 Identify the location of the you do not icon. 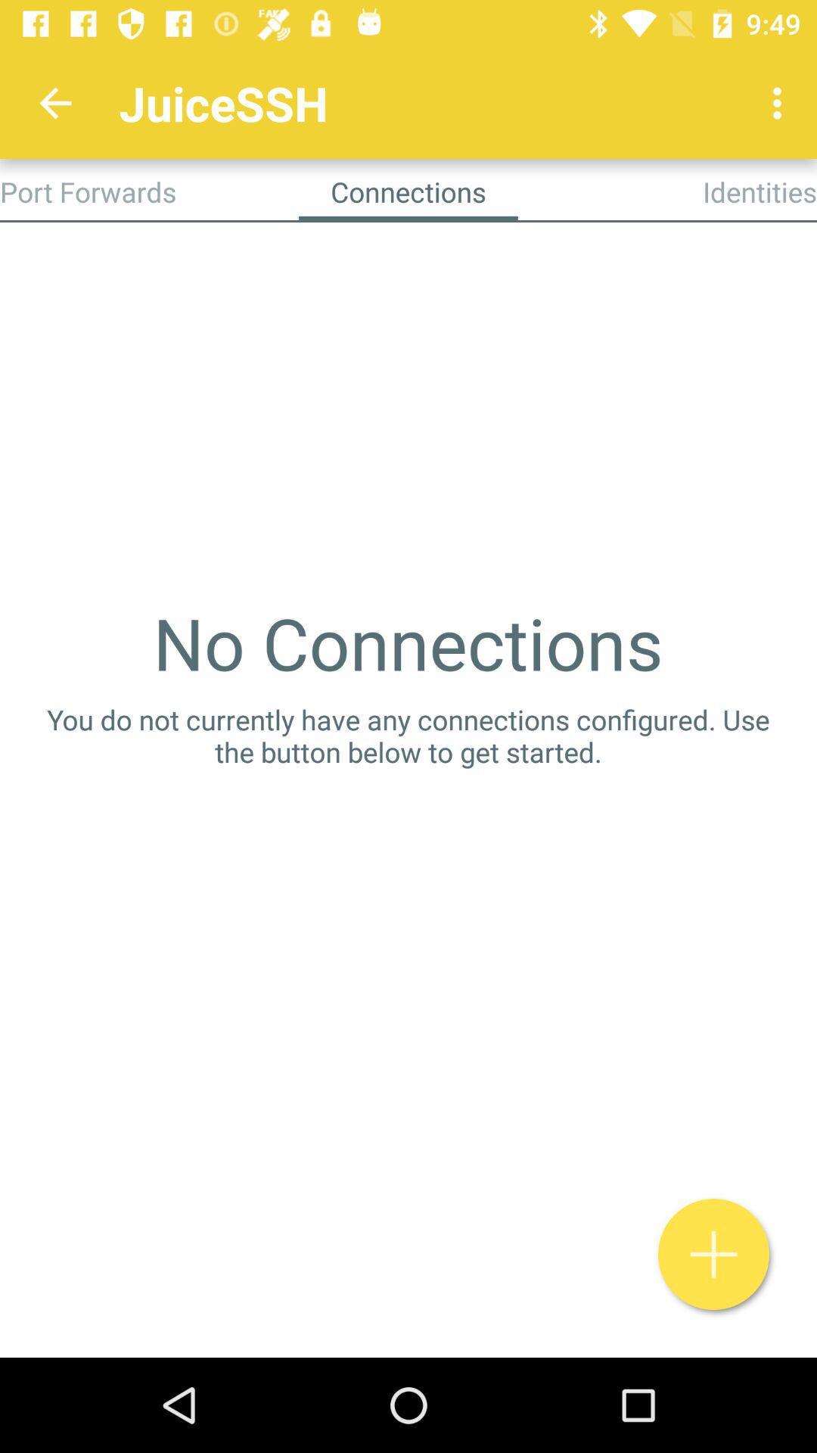
(408, 736).